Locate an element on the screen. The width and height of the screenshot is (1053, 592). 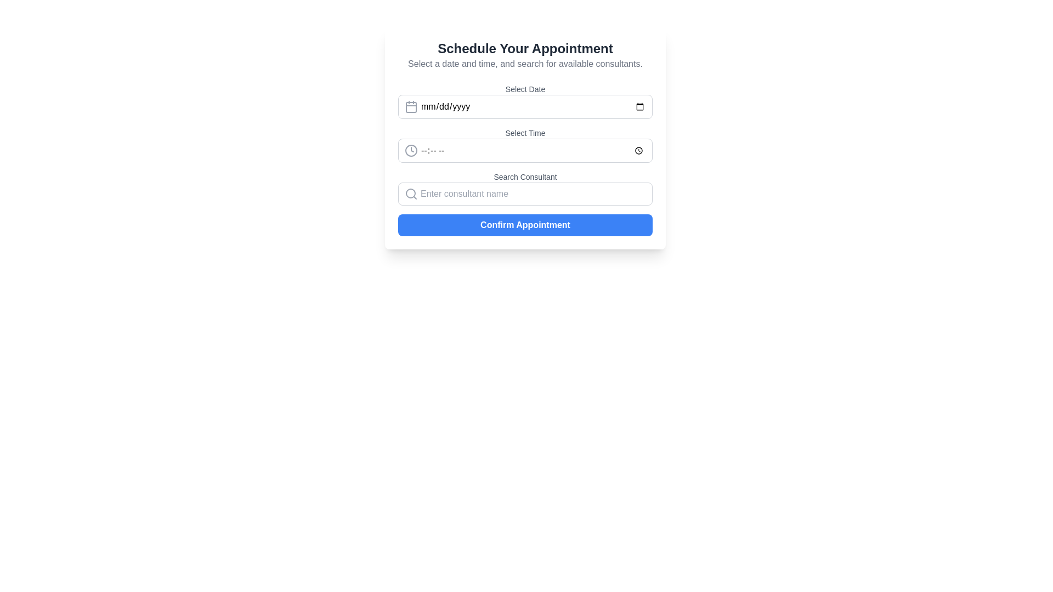
circular element of the search icon located to the left of the input field labeled 'Enter consultant name' in the 'Search Consultant' section is located at coordinates (410, 193).